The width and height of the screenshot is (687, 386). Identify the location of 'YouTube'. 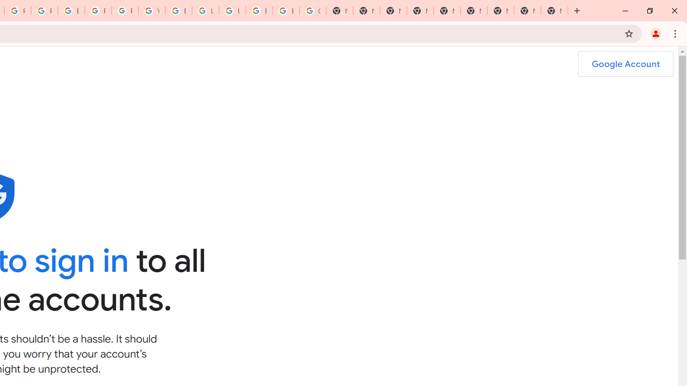
(151, 11).